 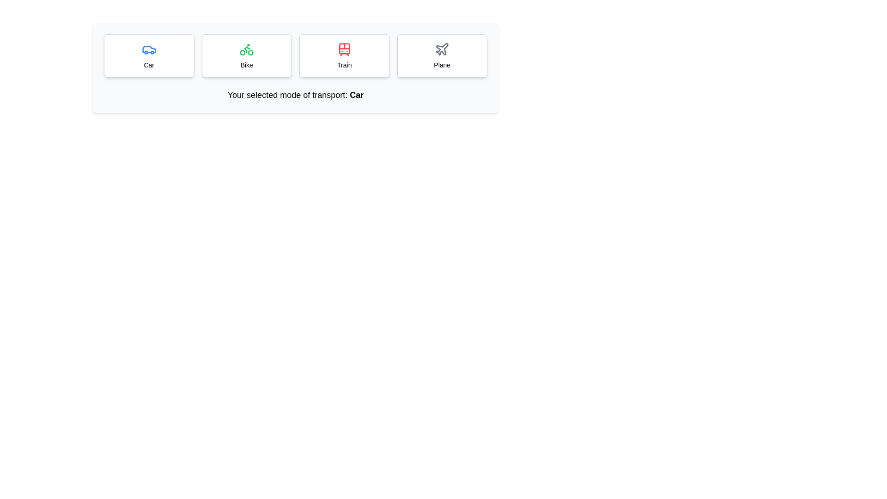 I want to click on the button containing the airplane vector graphic icon labeled 'Plane' located in the top right corner of the selection interface, so click(x=442, y=49).